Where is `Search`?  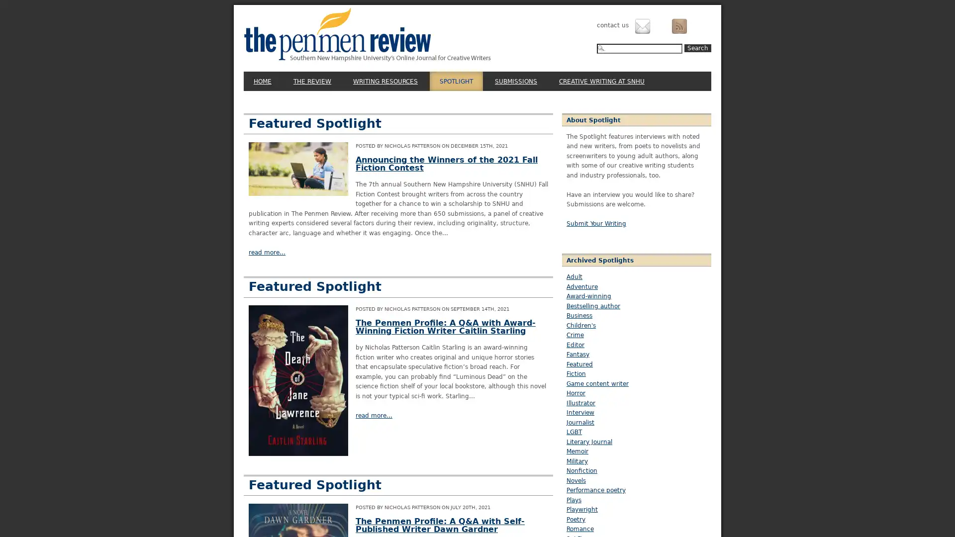 Search is located at coordinates (697, 48).